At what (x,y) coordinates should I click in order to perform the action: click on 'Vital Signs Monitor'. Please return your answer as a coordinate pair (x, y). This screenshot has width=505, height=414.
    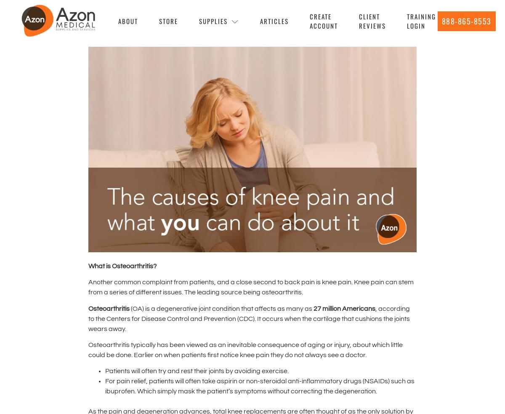
    Looking at the image, I should click on (232, 155).